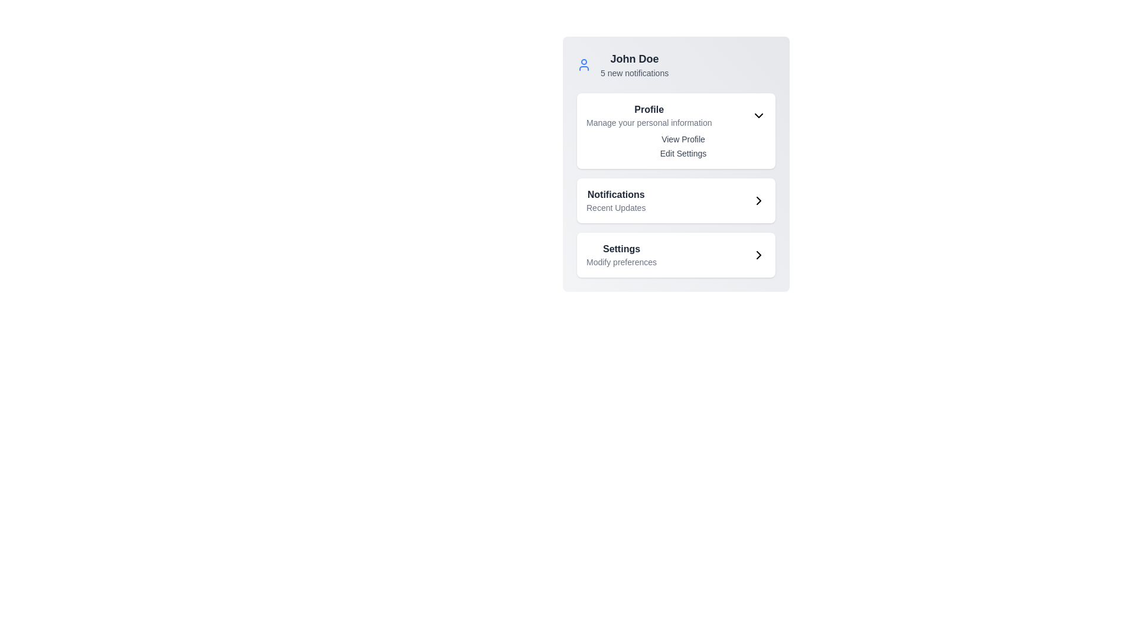 Image resolution: width=1134 pixels, height=638 pixels. What do you see at coordinates (759, 255) in the screenshot?
I see `the right-pointing chevron arrow icon located within the 'Settings' section` at bounding box center [759, 255].